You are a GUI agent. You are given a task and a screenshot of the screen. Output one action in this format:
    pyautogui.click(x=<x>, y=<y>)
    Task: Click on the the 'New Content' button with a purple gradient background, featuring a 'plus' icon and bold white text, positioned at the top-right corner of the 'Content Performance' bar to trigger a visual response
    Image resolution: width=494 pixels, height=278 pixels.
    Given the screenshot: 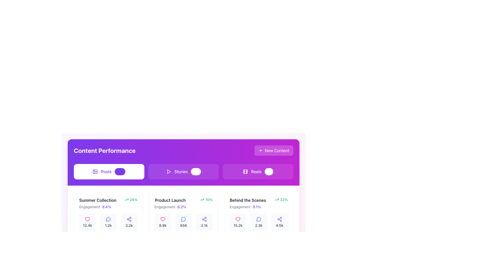 What is the action you would take?
    pyautogui.click(x=274, y=151)
    